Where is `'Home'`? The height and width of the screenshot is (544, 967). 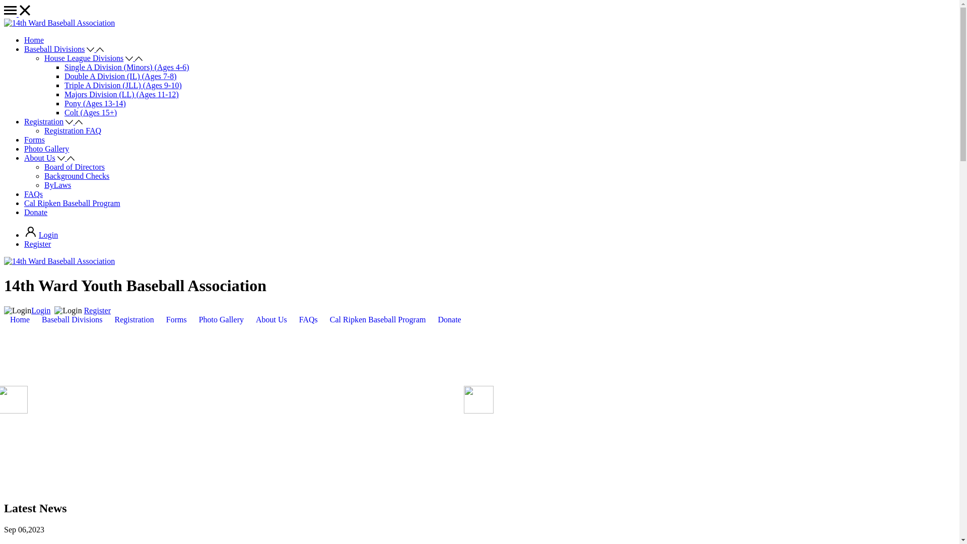
'Home' is located at coordinates (20, 320).